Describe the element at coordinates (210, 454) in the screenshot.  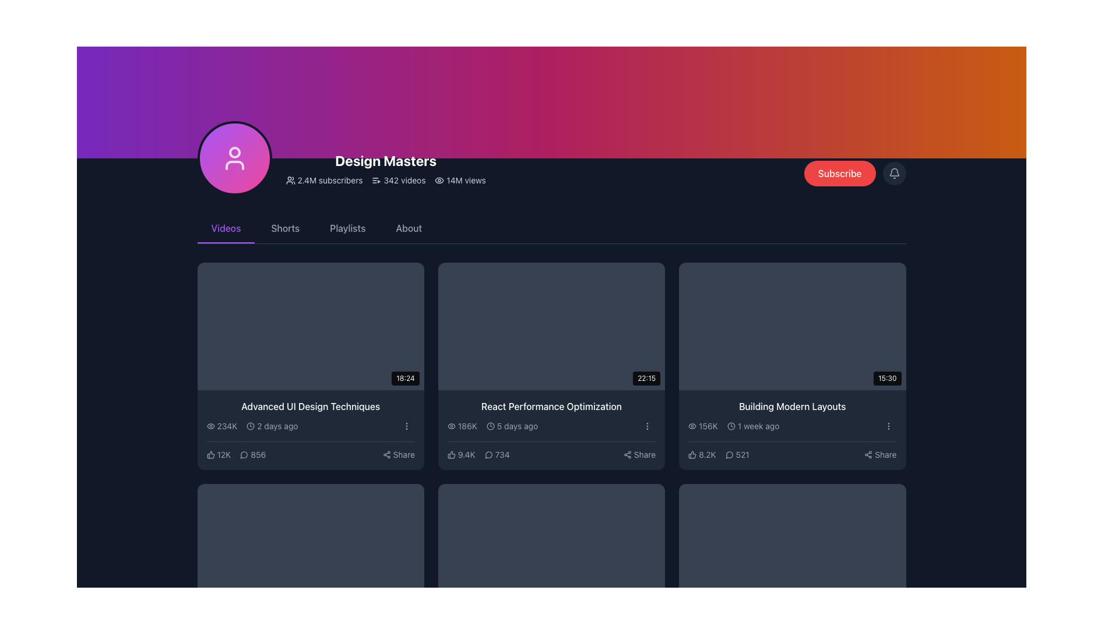
I see `the thumbs-up icon located in the lower section of the video card titled 'Advanced UI Design Techniques' to like the video` at that location.